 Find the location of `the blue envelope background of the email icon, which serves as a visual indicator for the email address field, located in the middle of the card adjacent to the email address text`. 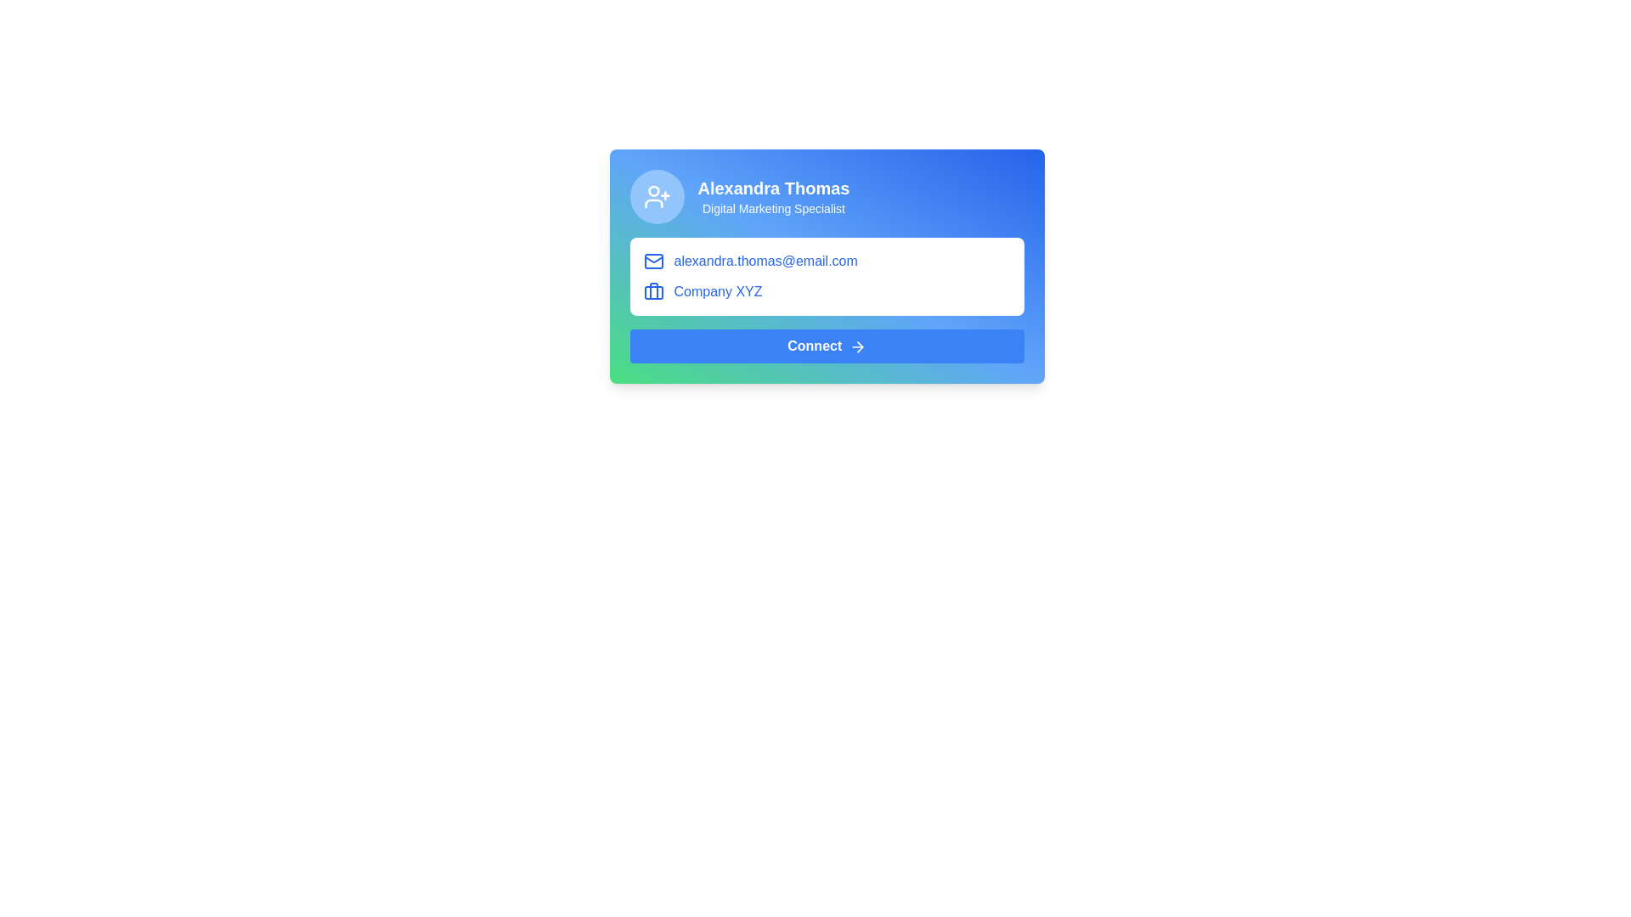

the blue envelope background of the email icon, which serves as a visual indicator for the email address field, located in the middle of the card adjacent to the email address text is located at coordinates (652, 262).